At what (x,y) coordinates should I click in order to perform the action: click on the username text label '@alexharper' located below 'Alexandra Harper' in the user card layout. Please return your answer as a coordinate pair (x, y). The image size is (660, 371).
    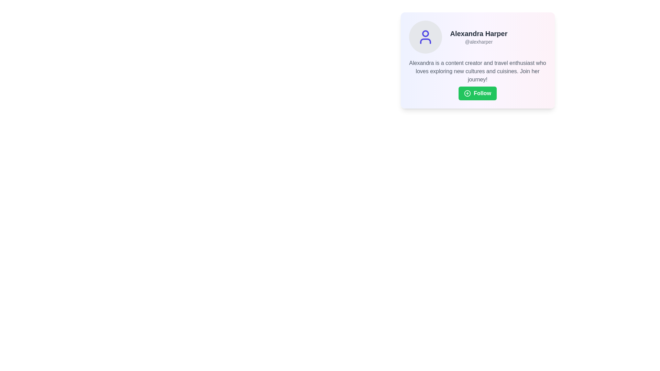
    Looking at the image, I should click on (478, 42).